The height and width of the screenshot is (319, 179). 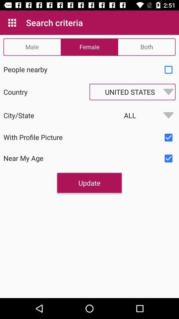 What do you see at coordinates (89, 183) in the screenshot?
I see `icon below with profile picture item` at bounding box center [89, 183].